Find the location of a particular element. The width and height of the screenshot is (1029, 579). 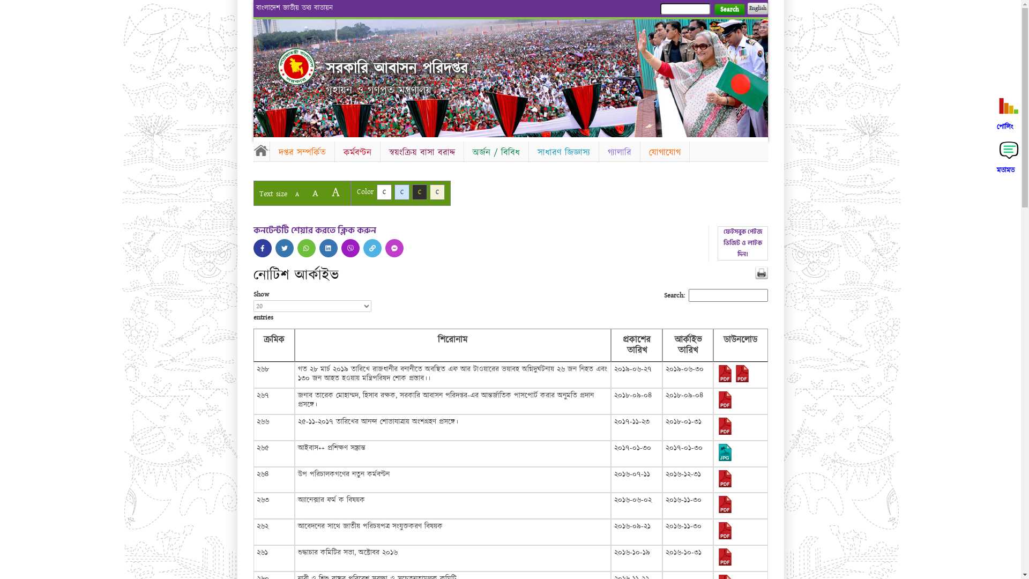

'Search' is located at coordinates (729, 9).